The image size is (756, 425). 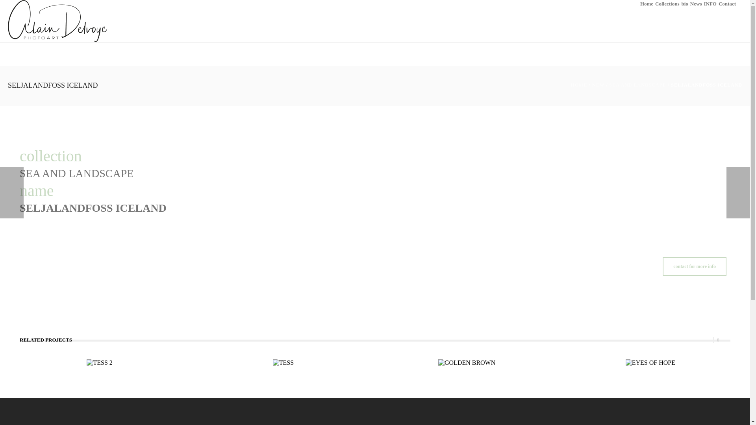 What do you see at coordinates (99, 362) in the screenshot?
I see `'TESS 2'` at bounding box center [99, 362].